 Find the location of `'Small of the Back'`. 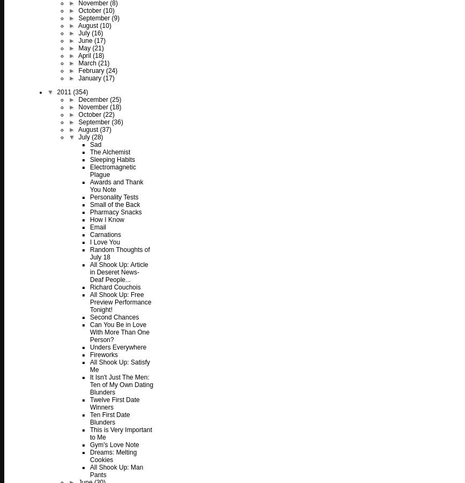

'Small of the Back' is located at coordinates (89, 204).